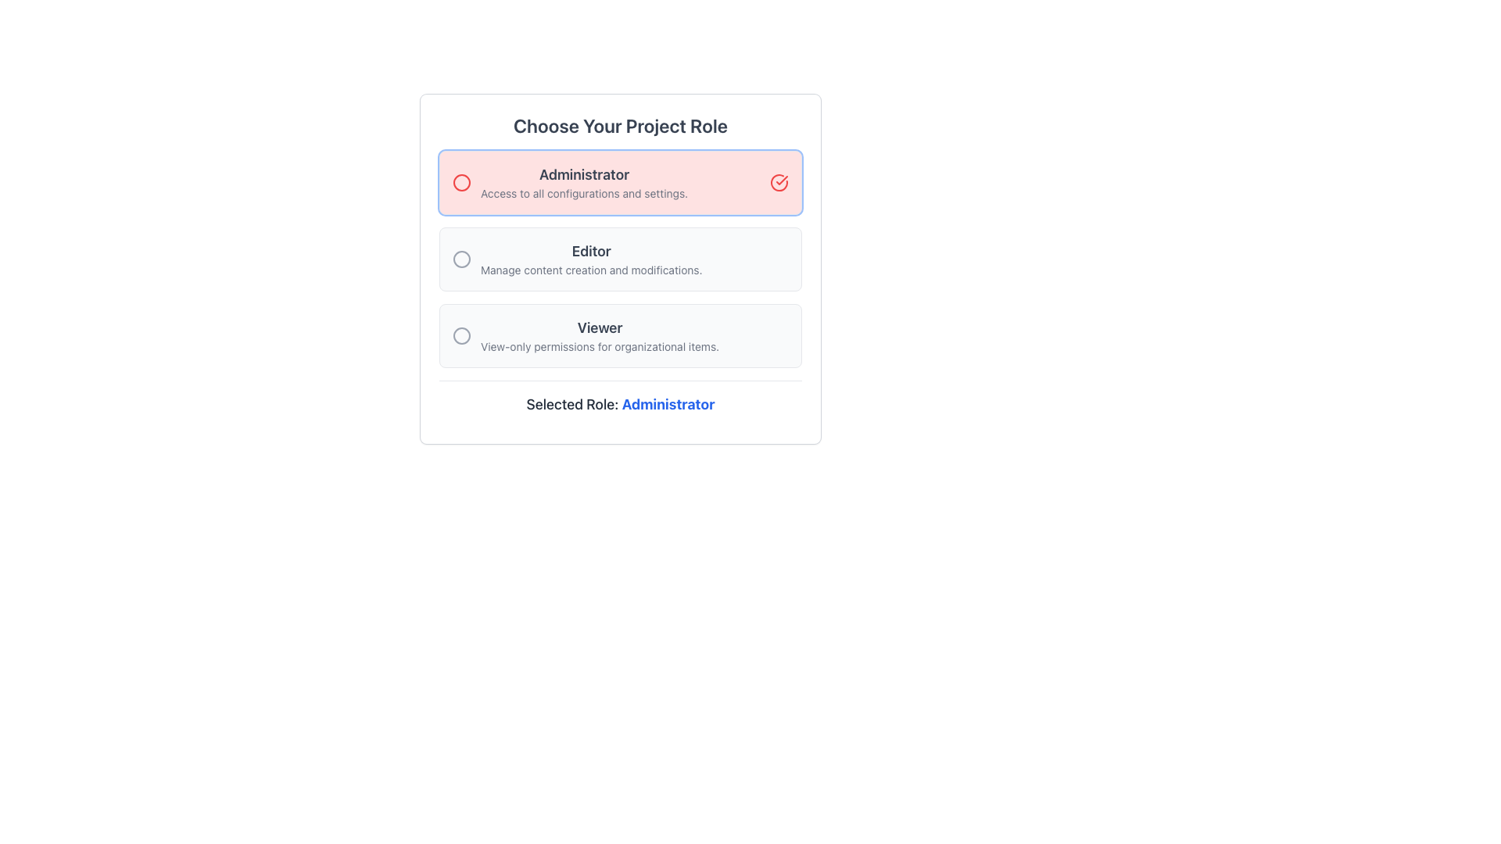  I want to click on the text label that provides a description of the 'Viewer' role functionality, located beneath the 'Viewer' title in the role selection interface, so click(599, 345).